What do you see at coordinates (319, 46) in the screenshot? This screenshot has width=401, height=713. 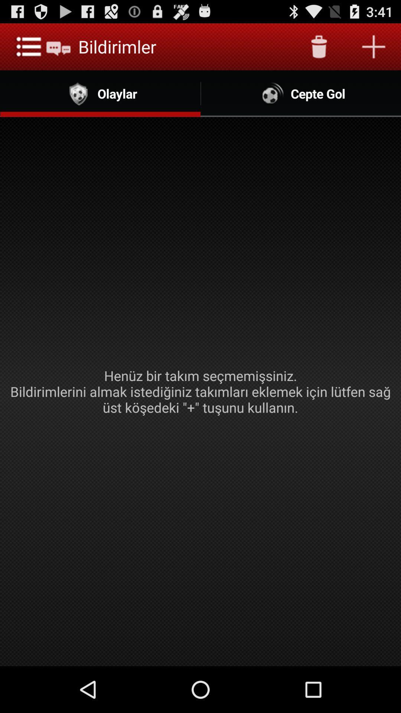 I see `item to the right of bildirimler item` at bounding box center [319, 46].